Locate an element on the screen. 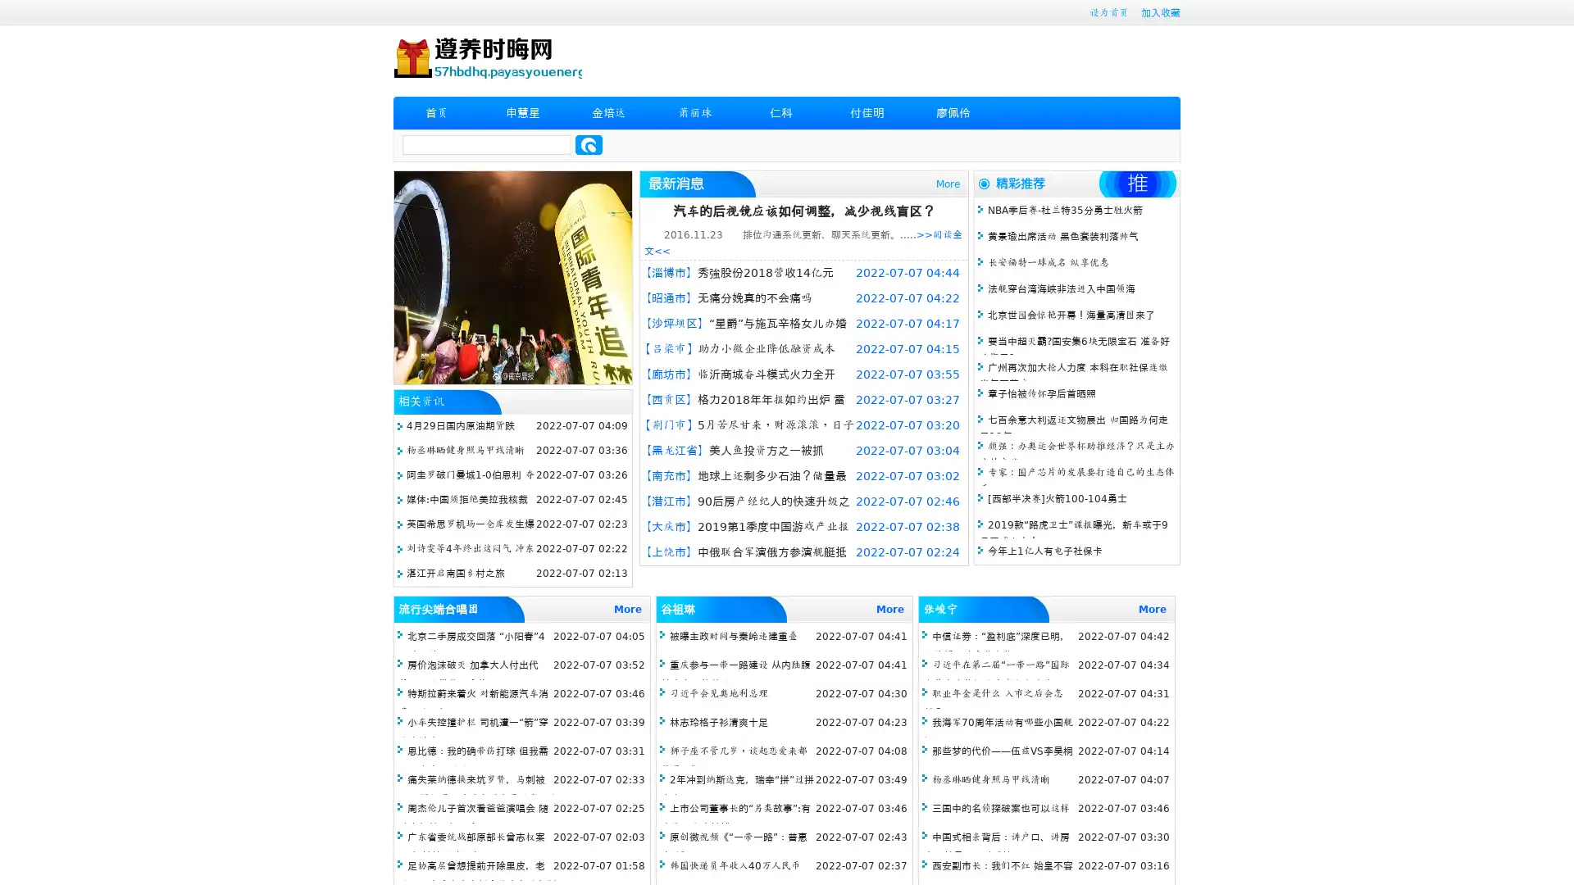  Search is located at coordinates (589, 144).